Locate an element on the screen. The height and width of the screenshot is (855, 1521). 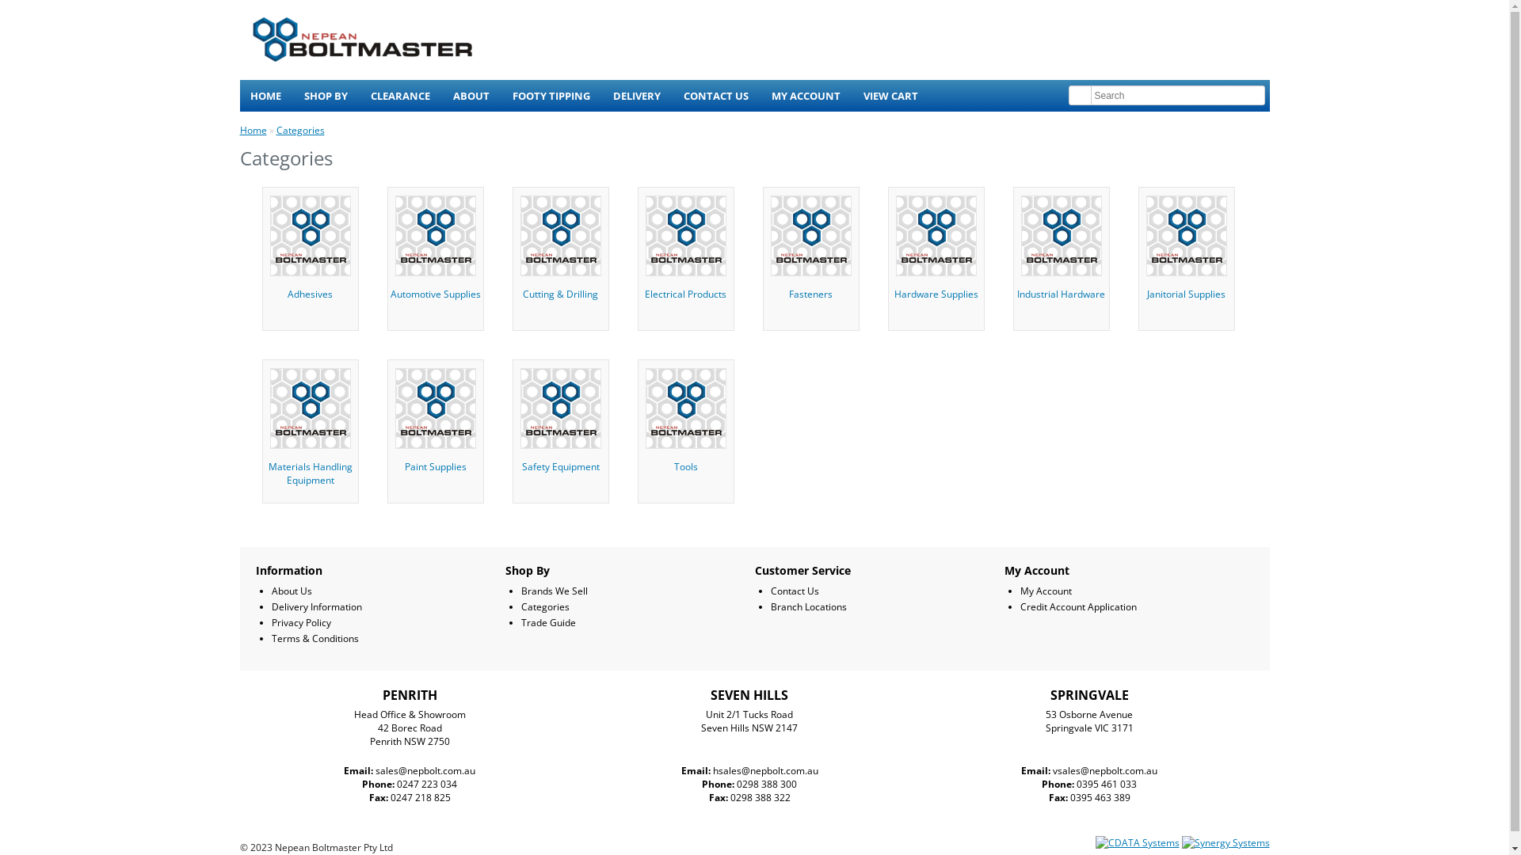
'Electrical Products' is located at coordinates (685, 253).